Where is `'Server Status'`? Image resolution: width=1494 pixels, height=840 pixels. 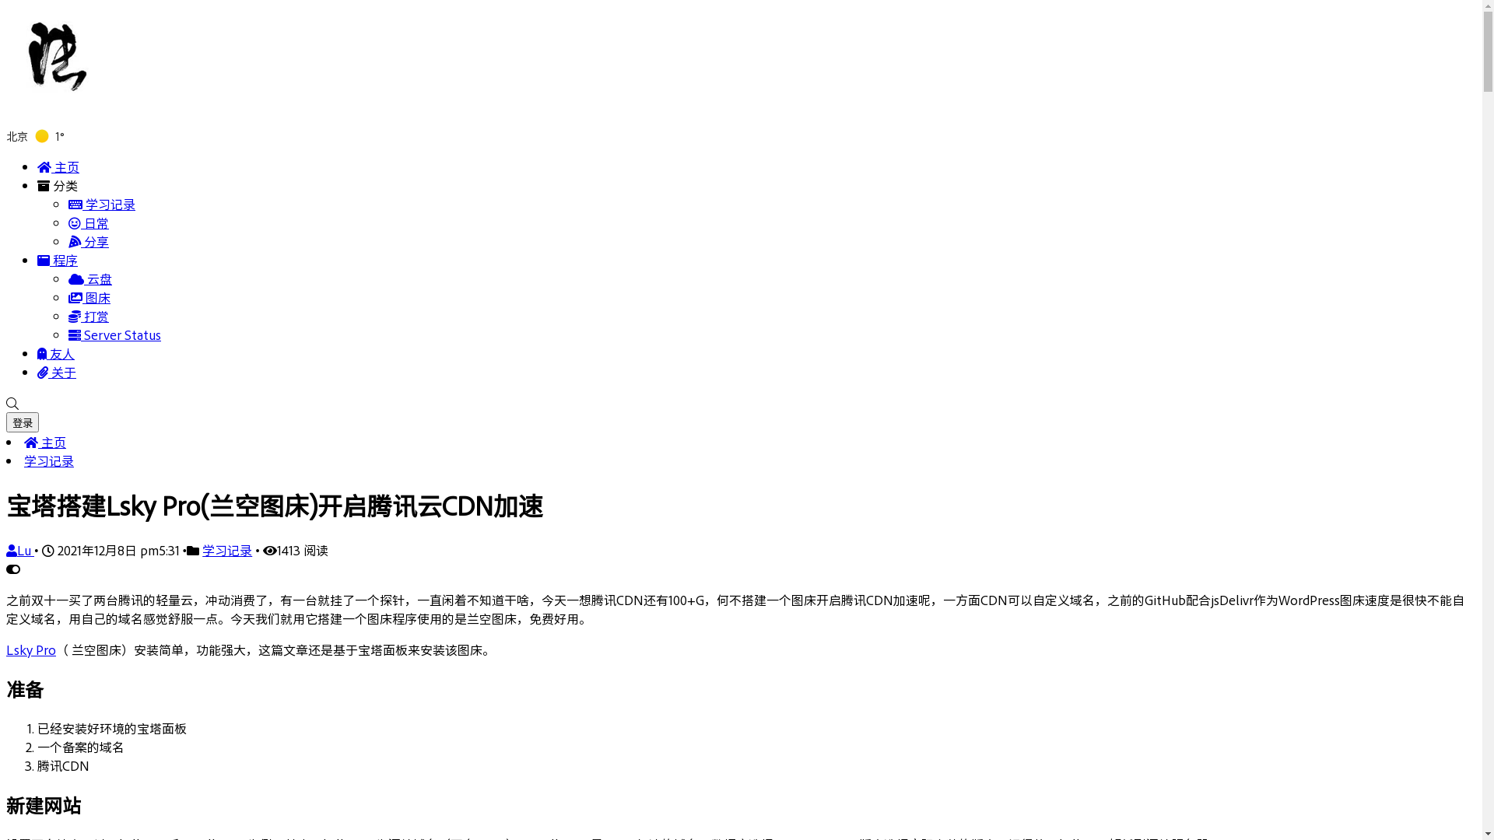 'Server Status' is located at coordinates (114, 333).